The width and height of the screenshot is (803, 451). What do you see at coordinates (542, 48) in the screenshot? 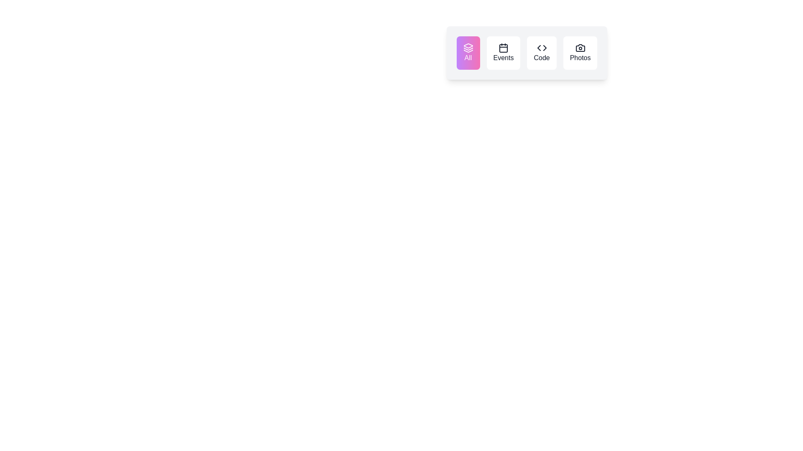
I see `the icon representing the 'Code' button, which is the third button in a row of four, located in the top-right part of the interface` at bounding box center [542, 48].